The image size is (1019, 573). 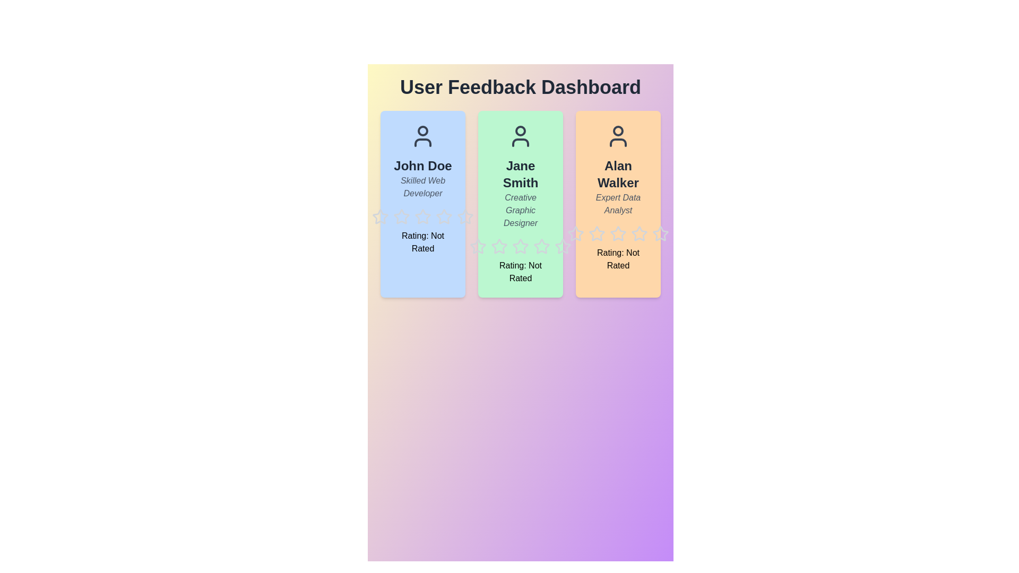 What do you see at coordinates (456, 209) in the screenshot?
I see `the star icon corresponding to 5 for user John Doe` at bounding box center [456, 209].